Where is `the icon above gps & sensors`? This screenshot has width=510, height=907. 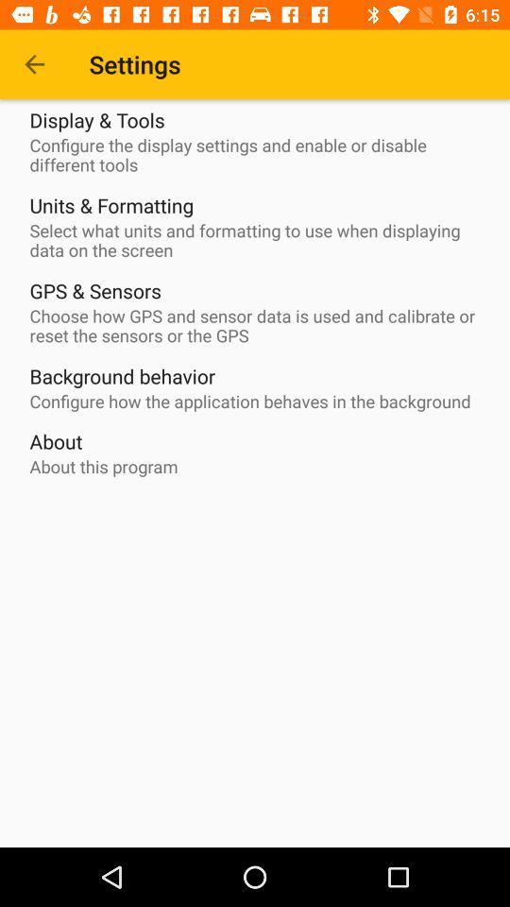
the icon above gps & sensors is located at coordinates (259, 239).